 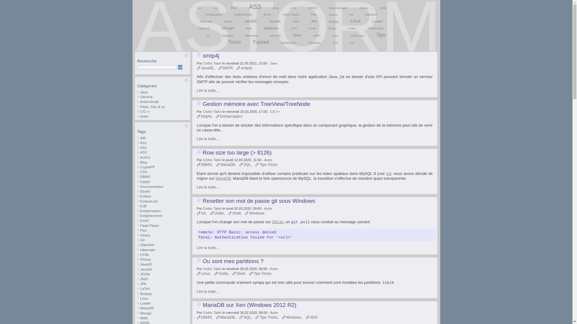 I want to click on 'MariaDB', so click(x=227, y=164).